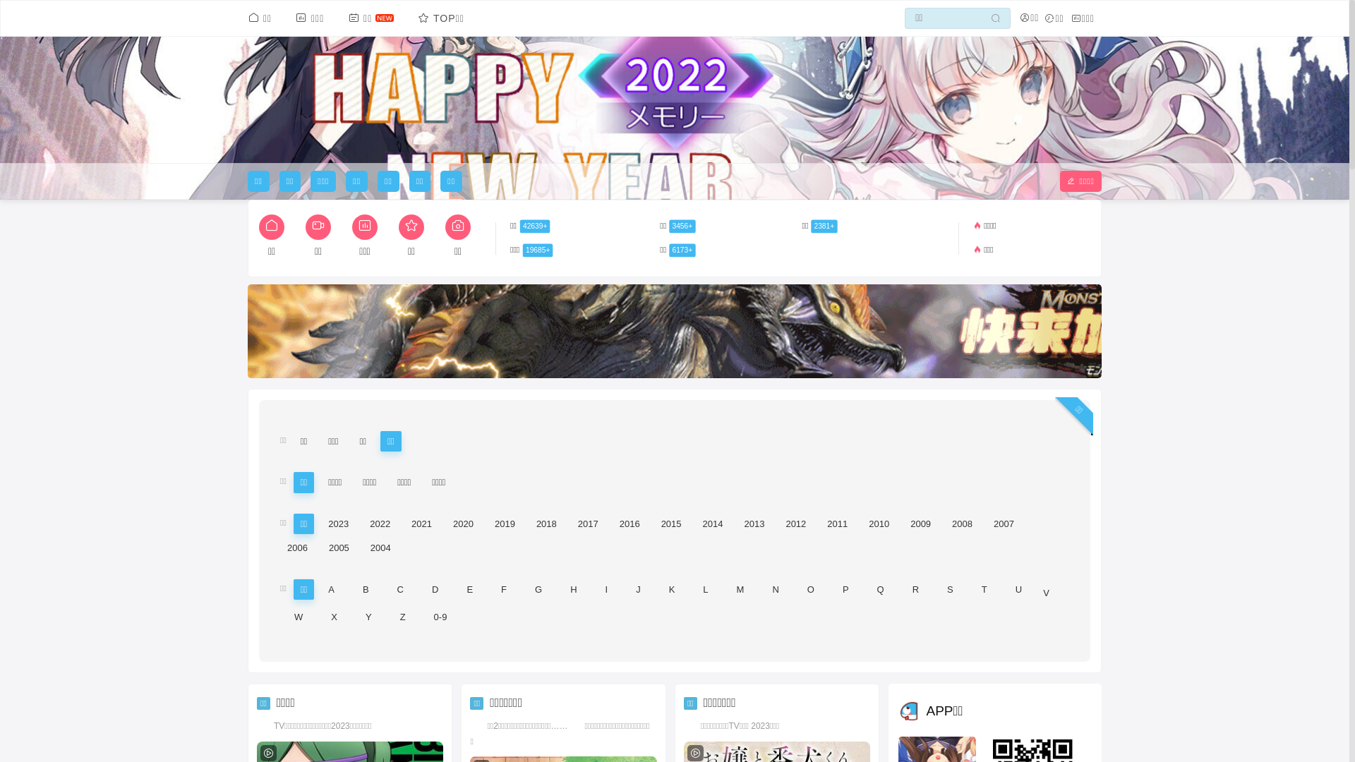  Describe the element at coordinates (333, 616) in the screenshot. I see `'X'` at that location.